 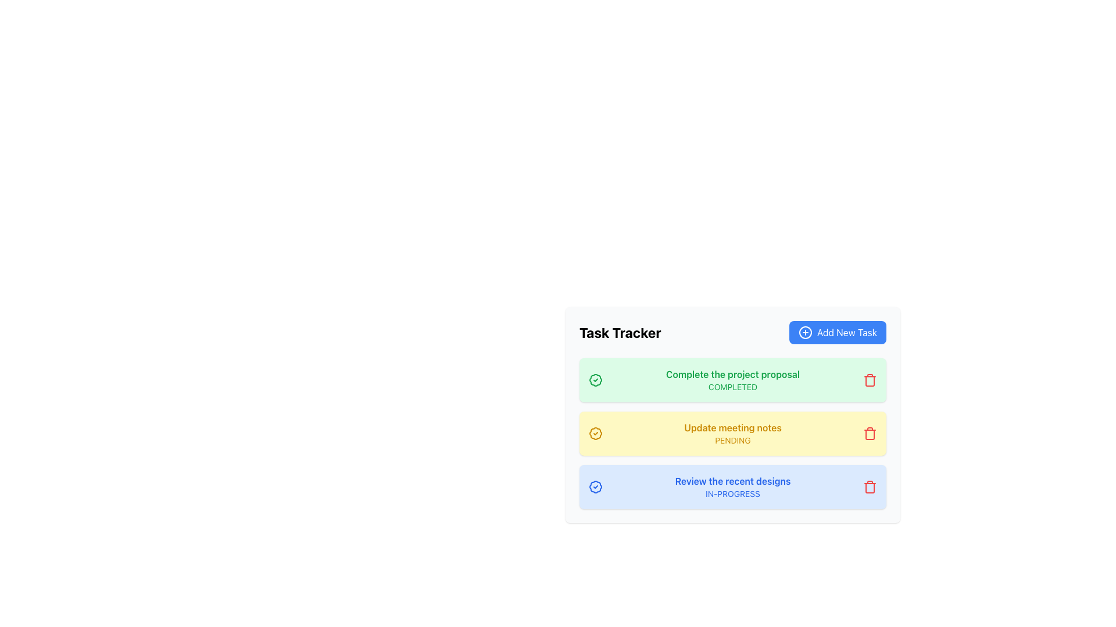 What do you see at coordinates (596, 380) in the screenshot?
I see `the green badge-like icon with a checkmark, located to the left of the text 'Complete the project proposal' in the task list` at bounding box center [596, 380].